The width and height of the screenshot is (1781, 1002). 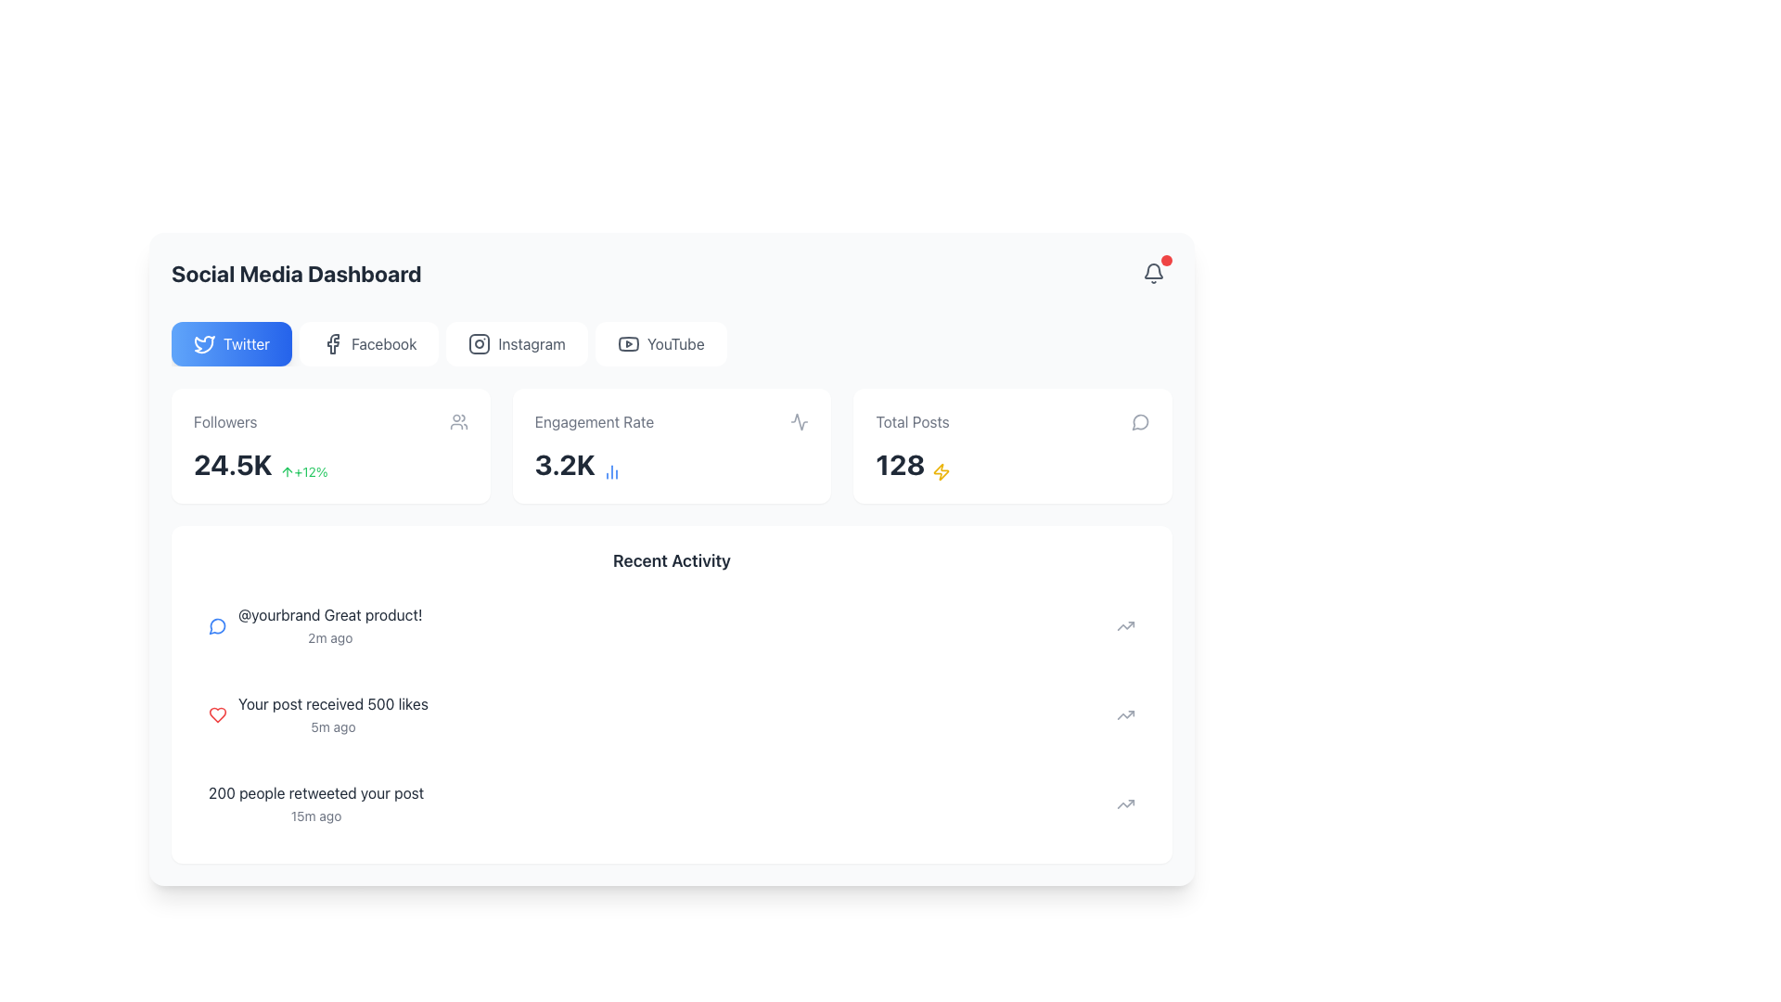 I want to click on the Facebook icon located in the navigation section of the social media dashboard to switch to the Facebook metrics view, so click(x=333, y=343).